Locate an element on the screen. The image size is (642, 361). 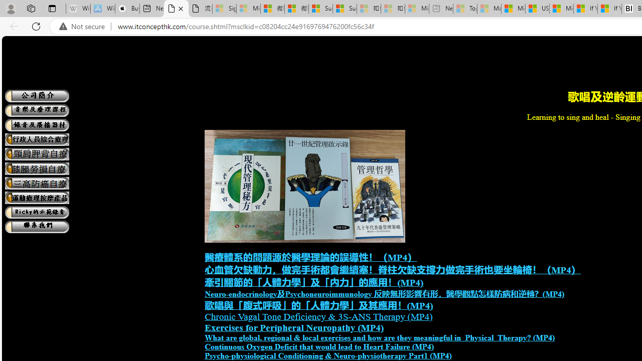
'Personal Profile' is located at coordinates (11, 8).